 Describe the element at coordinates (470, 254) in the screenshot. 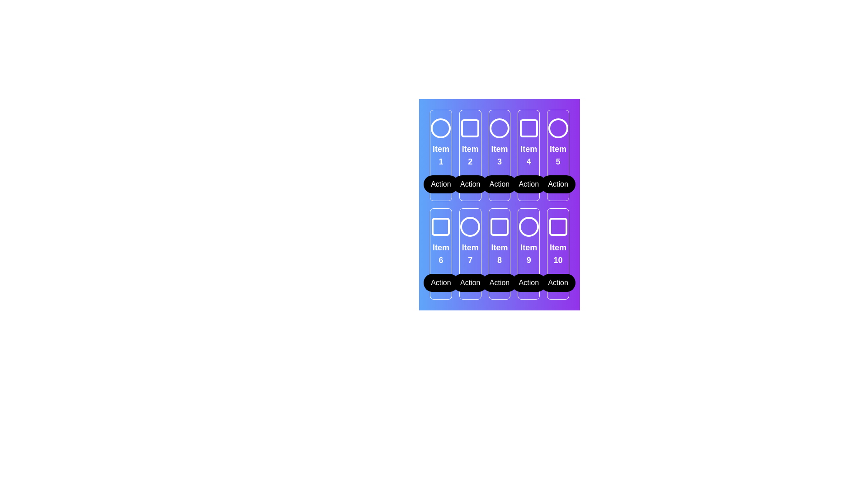

I see `the text label element that describes 'Item 7' located in the second row, second column of a 5x2 grid` at that location.